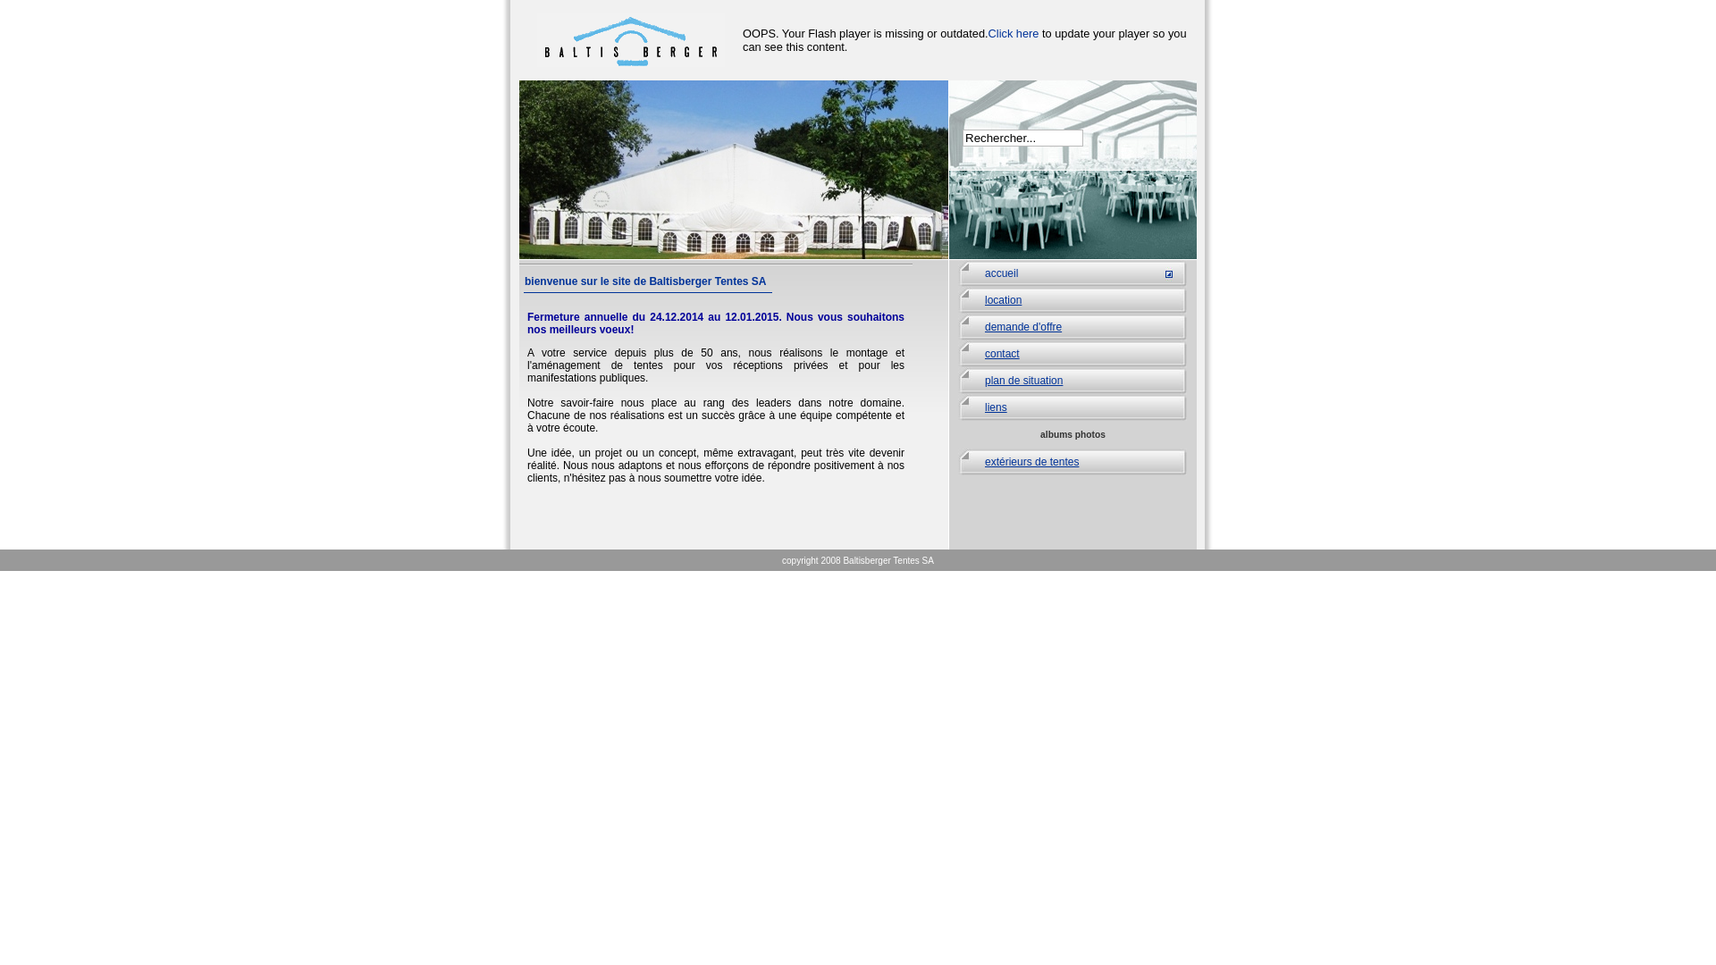 The width and height of the screenshot is (1716, 965). Describe the element at coordinates (987, 33) in the screenshot. I see `'Click here'` at that location.